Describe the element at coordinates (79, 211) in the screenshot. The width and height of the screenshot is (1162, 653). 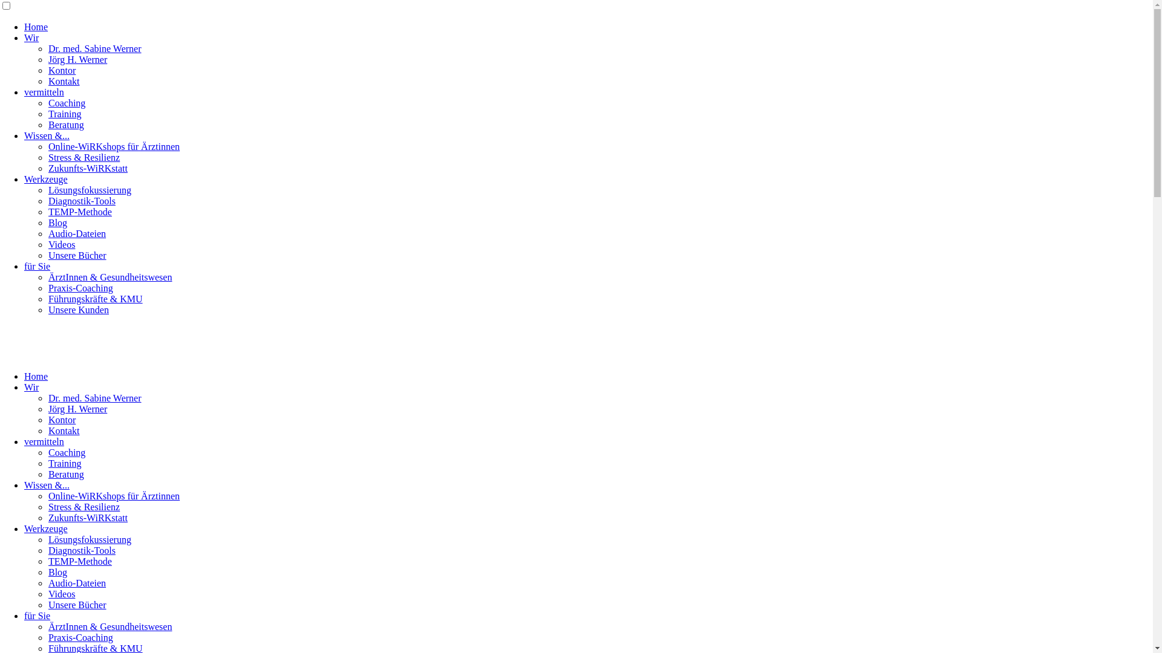
I see `'TEMP-Methode'` at that location.